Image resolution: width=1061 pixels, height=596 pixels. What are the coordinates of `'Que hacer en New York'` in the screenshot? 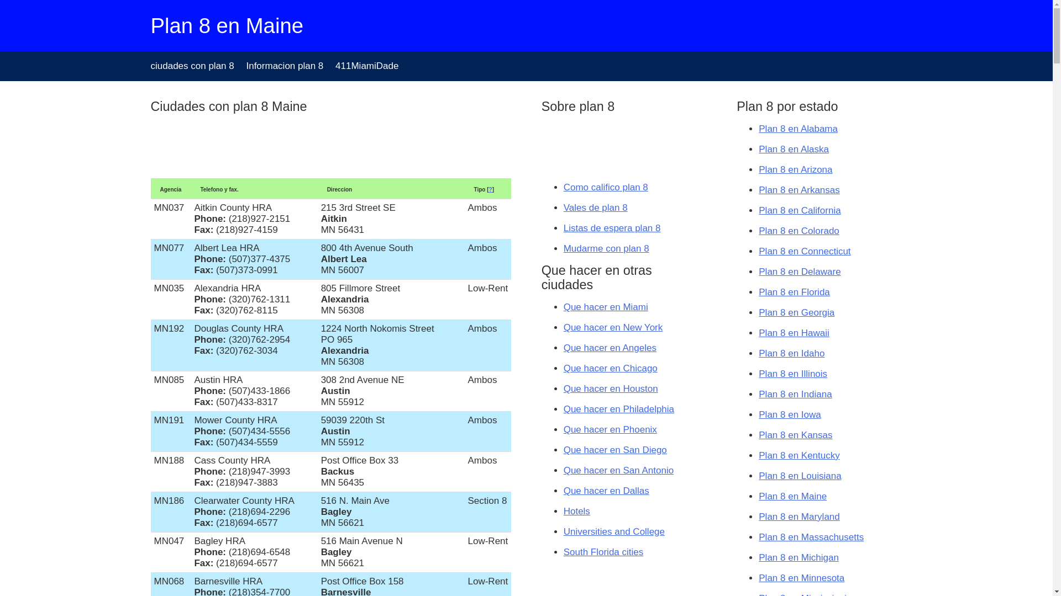 It's located at (612, 327).